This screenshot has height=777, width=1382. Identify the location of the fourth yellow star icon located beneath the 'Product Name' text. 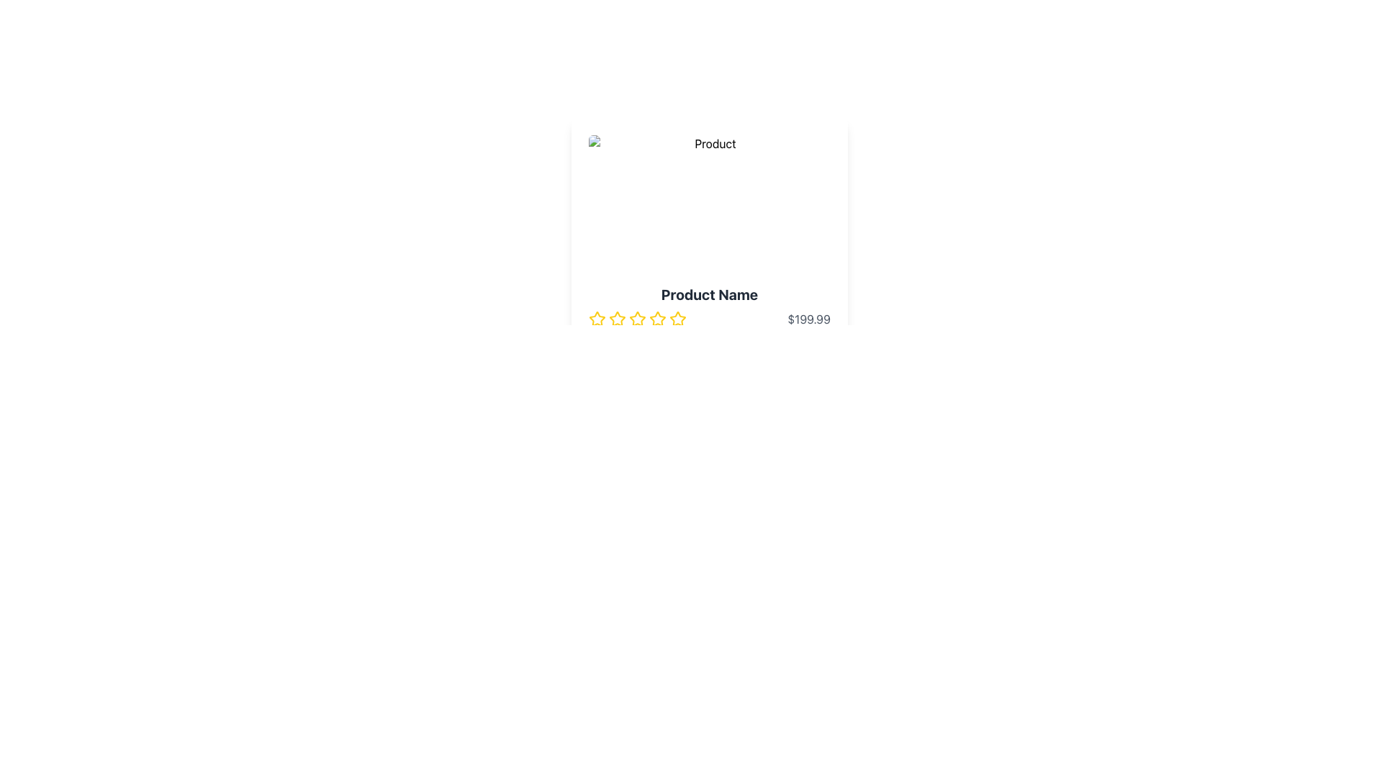
(656, 318).